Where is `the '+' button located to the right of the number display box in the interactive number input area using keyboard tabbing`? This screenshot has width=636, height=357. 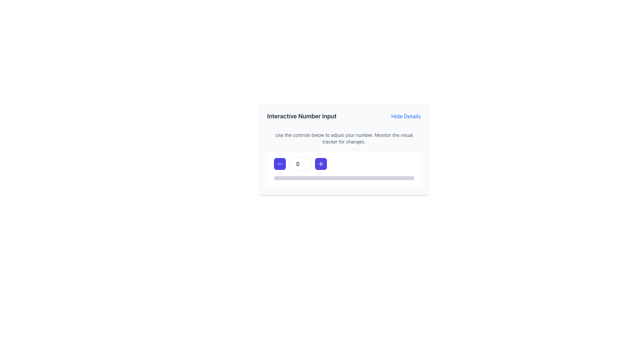 the '+' button located to the right of the number display box in the interactive number input area using keyboard tabbing is located at coordinates (321, 164).